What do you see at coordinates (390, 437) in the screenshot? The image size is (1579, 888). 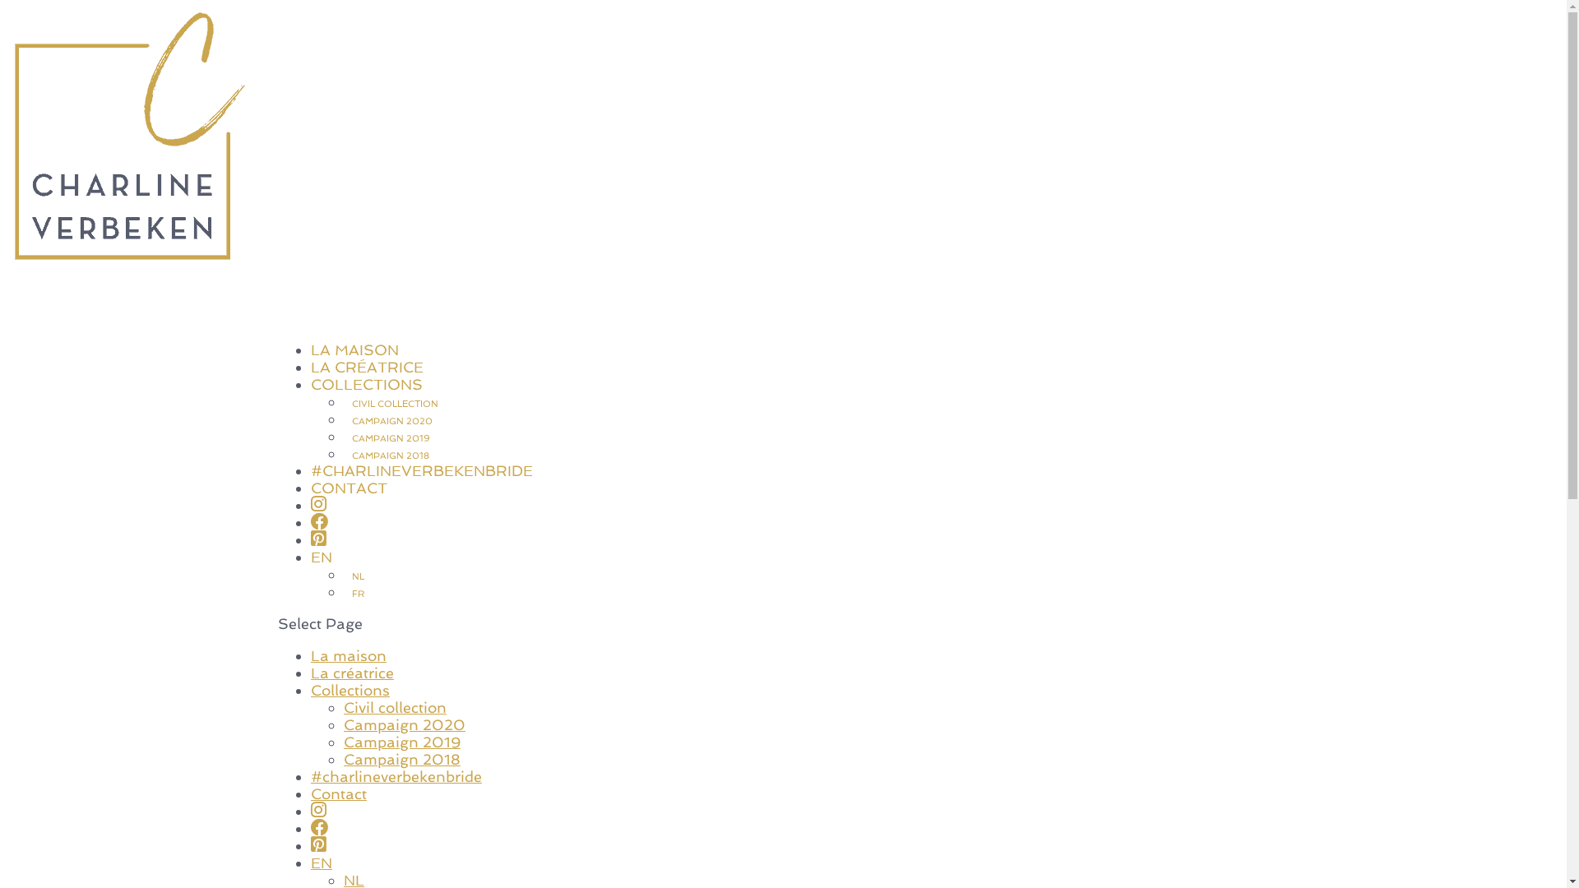 I see `'CAMPAIGN 2019'` at bounding box center [390, 437].